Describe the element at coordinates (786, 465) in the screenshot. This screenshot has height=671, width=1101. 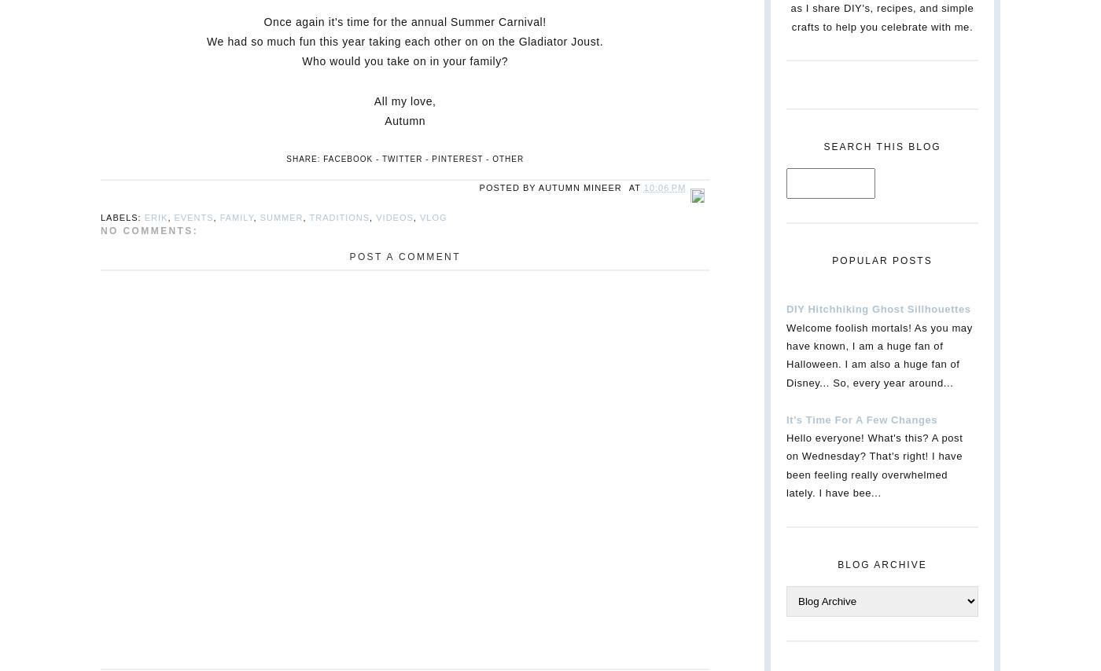
I see `'Hello everyone!   What's this?   A post on Wednesday?   That's right!   I have been feeling really overwhelmed lately.   I have bee...'` at that location.